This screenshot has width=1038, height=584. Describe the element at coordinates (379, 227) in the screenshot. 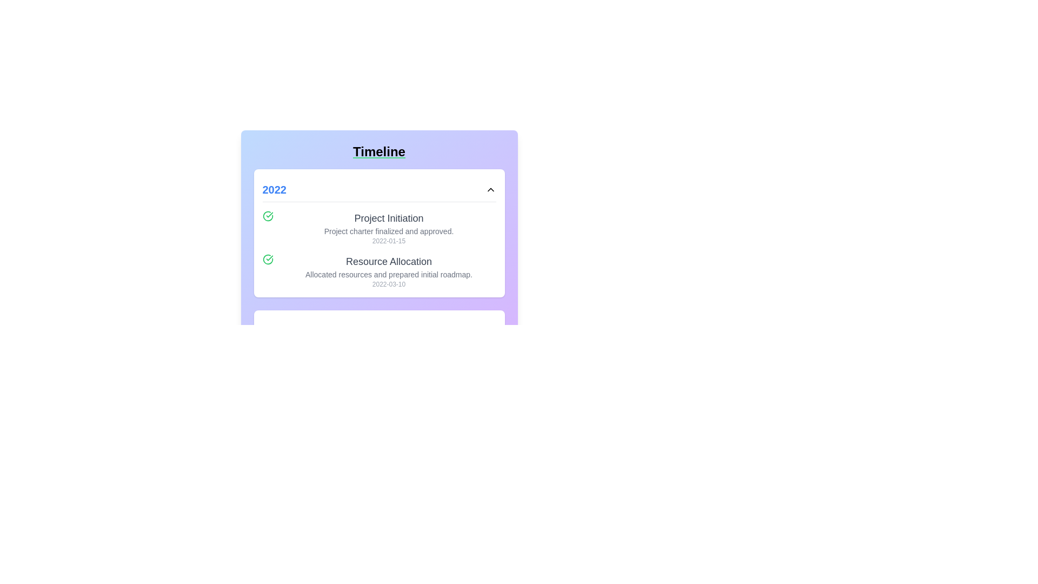

I see `the first milestone entry in the timeline, located beneath the '2022' header` at that location.